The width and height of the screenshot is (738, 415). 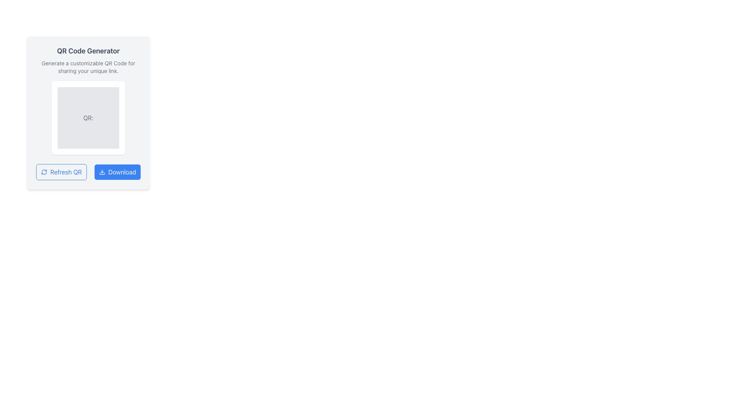 I want to click on the Text Label that serves as the title of the card, which is positioned at the top center of the card layout for generating QR codes, so click(x=88, y=51).